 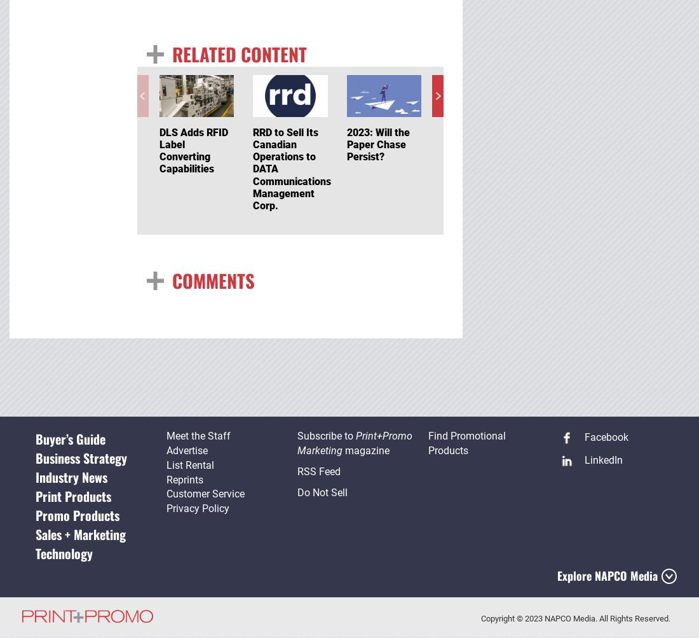 I want to click on 'Technology', so click(x=63, y=553).